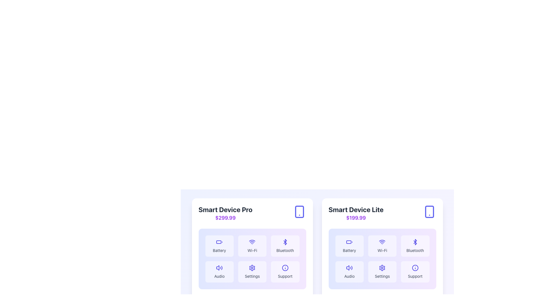 This screenshot has height=303, width=538. I want to click on the indigo audio volume icon located in the leftmost cell of the middle row in the 'Smart Device Pro' card, which is directly above the 'Audio' text, so click(219, 268).